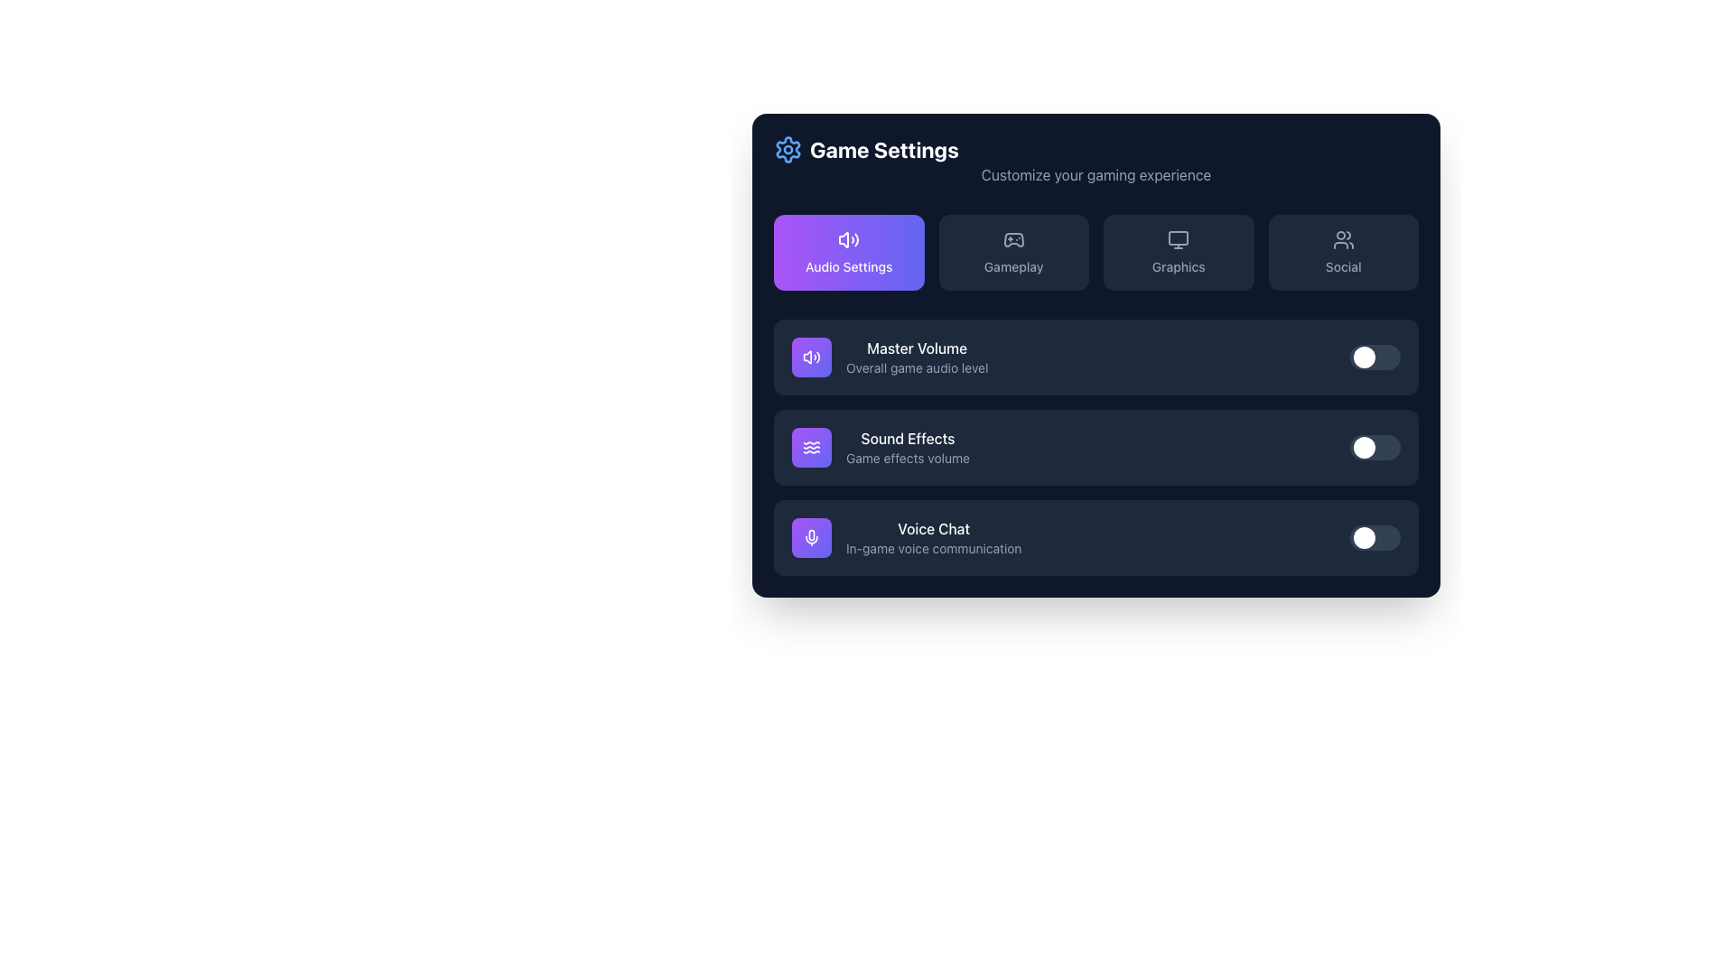  Describe the element at coordinates (810, 357) in the screenshot. I see `the purple rectangular Icon button with a speaker icon for interaction, located below 'Audio Settings' and to the left of 'Master Volume'` at that location.